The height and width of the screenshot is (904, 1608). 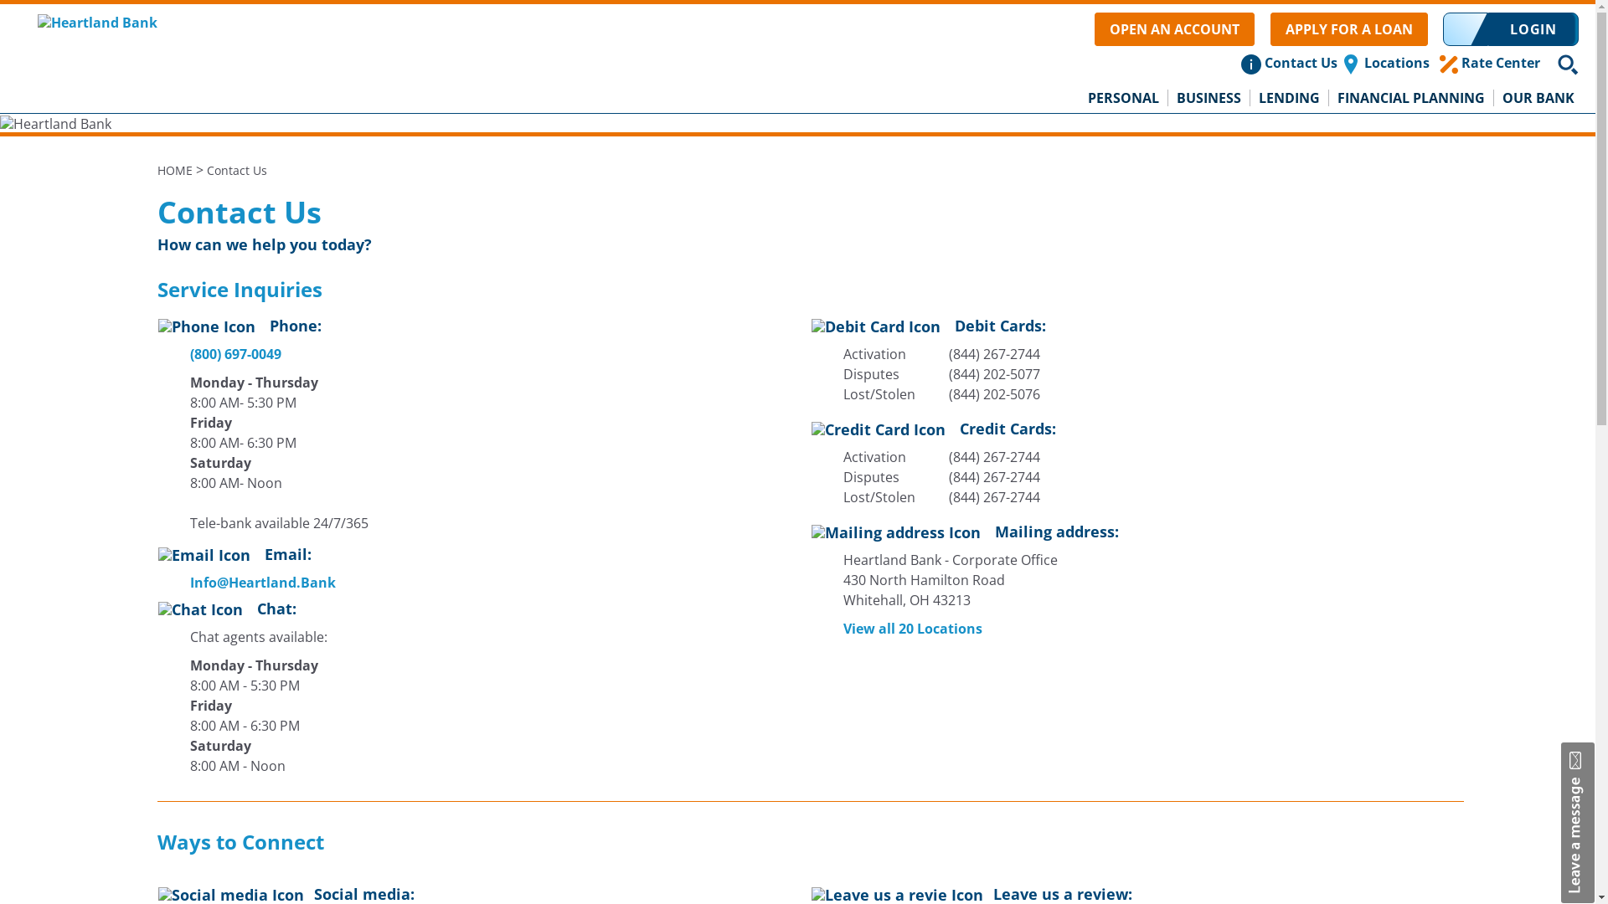 I want to click on 'View all 20 Locations', so click(x=900, y=629).